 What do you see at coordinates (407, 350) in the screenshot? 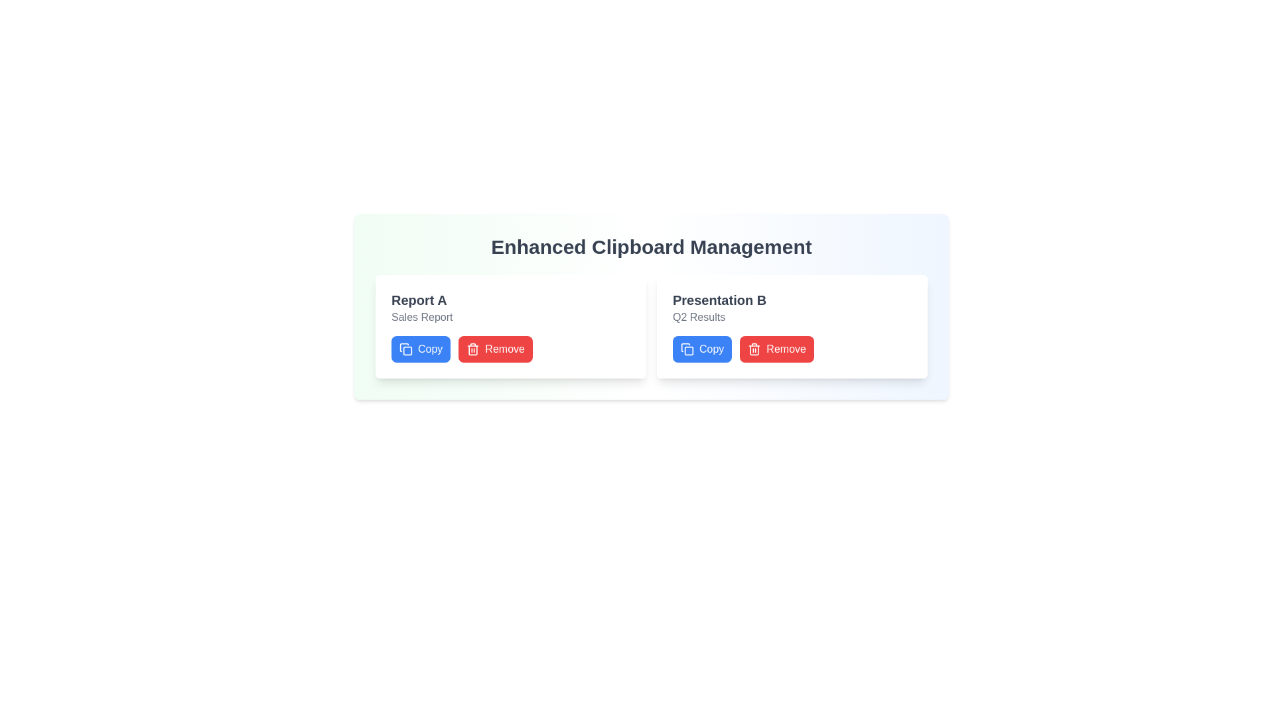
I see `the 'Copy' icon located in the first panel labeled 'Report A'` at bounding box center [407, 350].